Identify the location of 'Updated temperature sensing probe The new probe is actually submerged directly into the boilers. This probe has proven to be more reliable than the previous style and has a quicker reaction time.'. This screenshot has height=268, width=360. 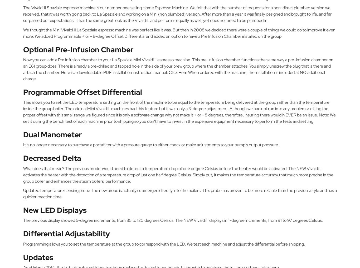
(180, 193).